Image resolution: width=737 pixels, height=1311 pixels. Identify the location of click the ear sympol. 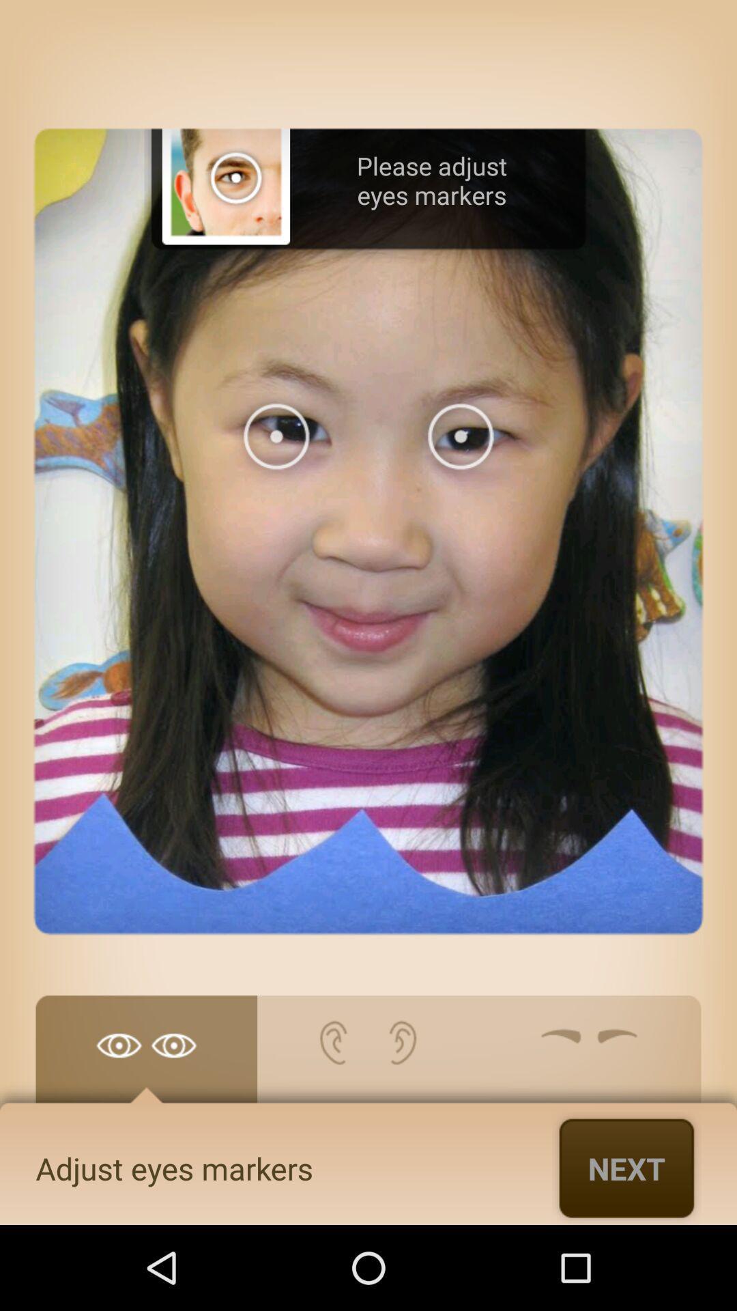
(367, 1056).